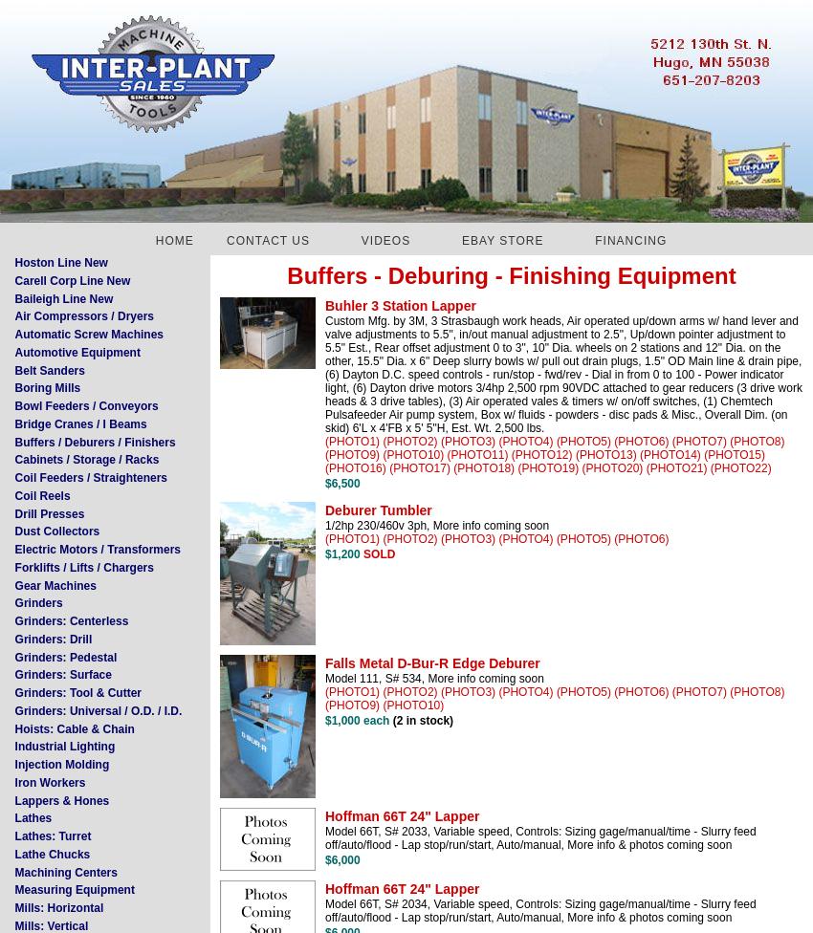  I want to click on 'Drill Presses', so click(49, 512).